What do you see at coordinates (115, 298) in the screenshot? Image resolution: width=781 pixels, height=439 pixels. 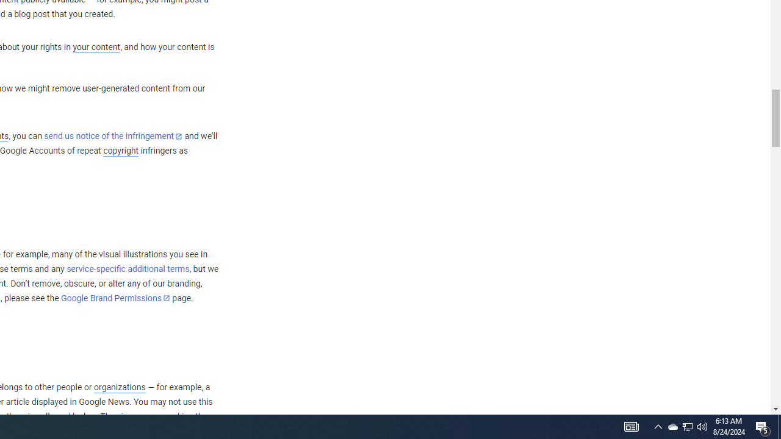 I see `'Google Brand Permissions'` at bounding box center [115, 298].